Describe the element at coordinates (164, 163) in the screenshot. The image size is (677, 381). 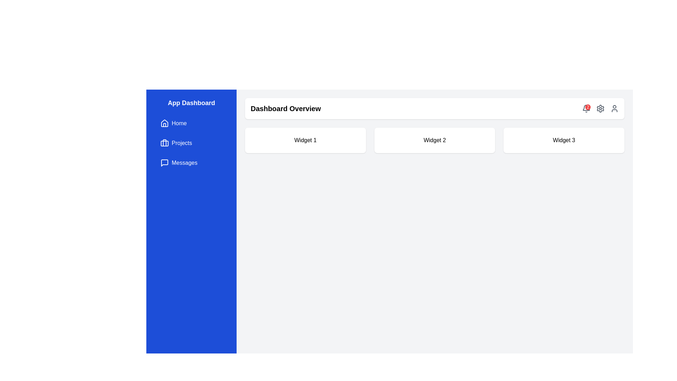
I see `the speech bubble icon located to the left of the 'Messages' text label in the left sidebar` at that location.